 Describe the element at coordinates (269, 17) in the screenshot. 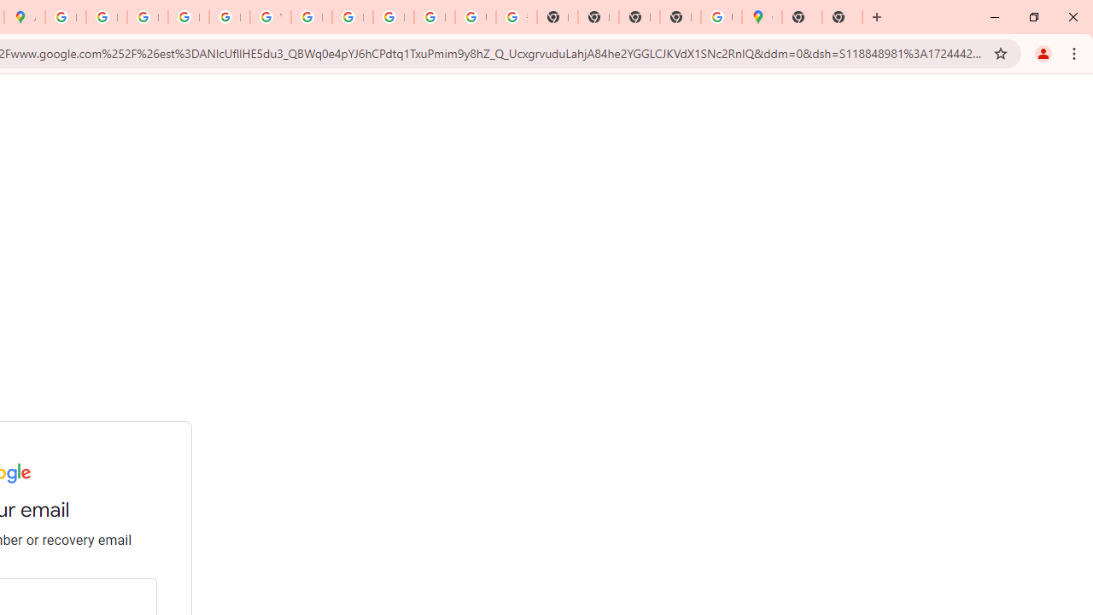

I see `'YouTube'` at that location.